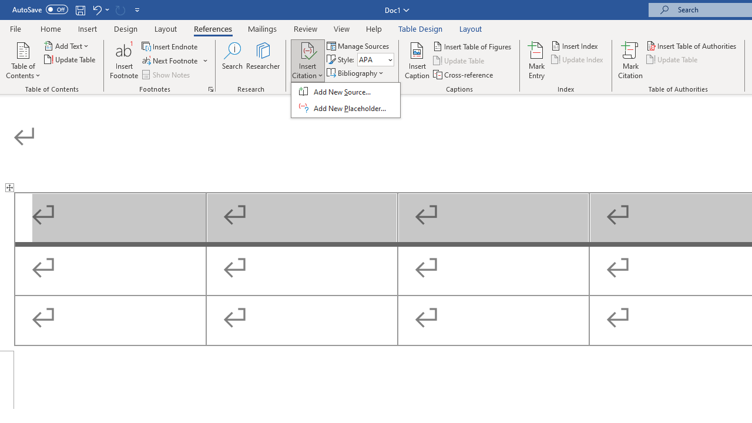 Image resolution: width=752 pixels, height=423 pixels. Describe the element at coordinates (578, 59) in the screenshot. I see `'Update Index'` at that location.